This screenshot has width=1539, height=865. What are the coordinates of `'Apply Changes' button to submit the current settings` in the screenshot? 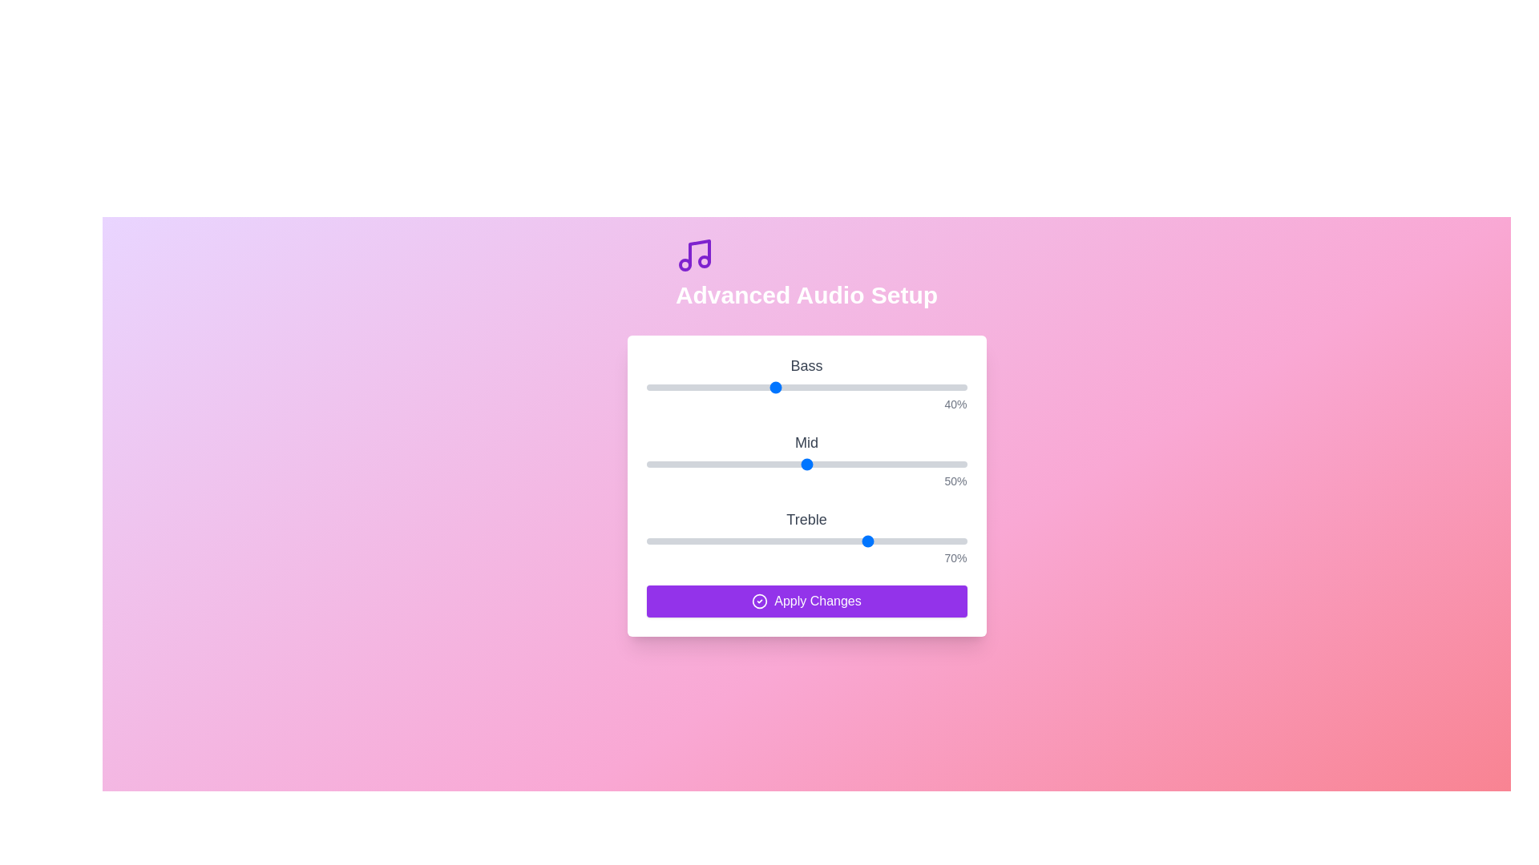 It's located at (806, 601).